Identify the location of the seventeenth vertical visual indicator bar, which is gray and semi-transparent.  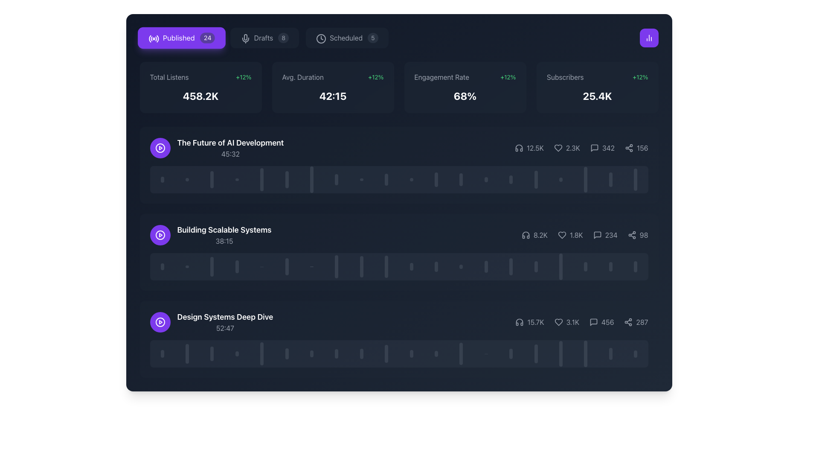
(535, 354).